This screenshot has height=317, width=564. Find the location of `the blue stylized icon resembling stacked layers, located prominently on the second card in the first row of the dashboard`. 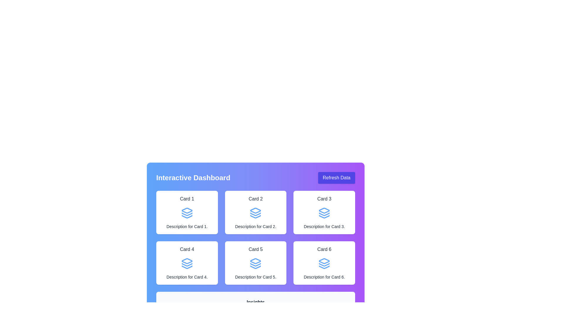

the blue stylized icon resembling stacked layers, located prominently on the second card in the first row of the dashboard is located at coordinates (256, 210).